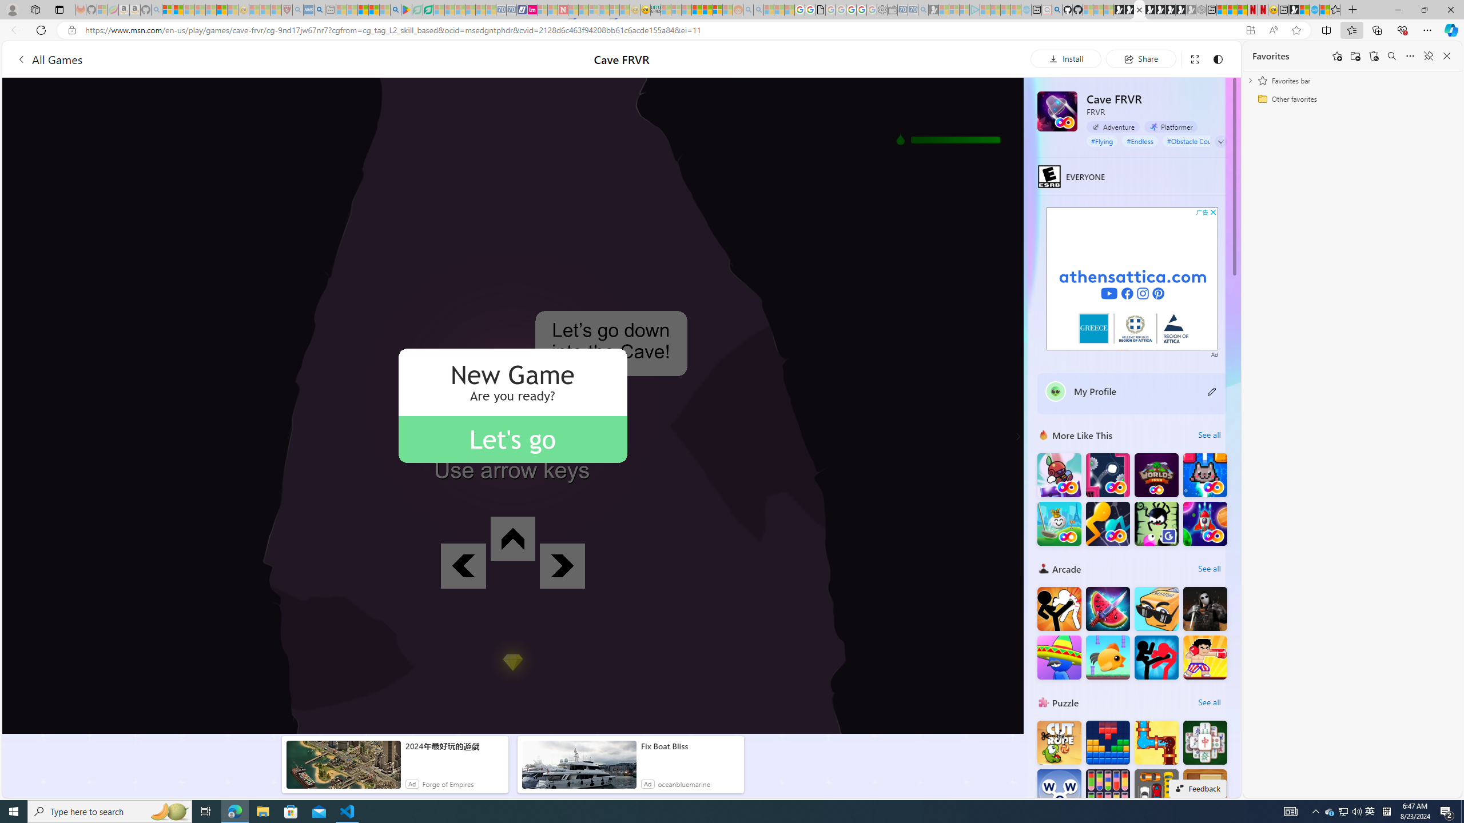  What do you see at coordinates (1221, 141) in the screenshot?
I see `'Class: control'` at bounding box center [1221, 141].